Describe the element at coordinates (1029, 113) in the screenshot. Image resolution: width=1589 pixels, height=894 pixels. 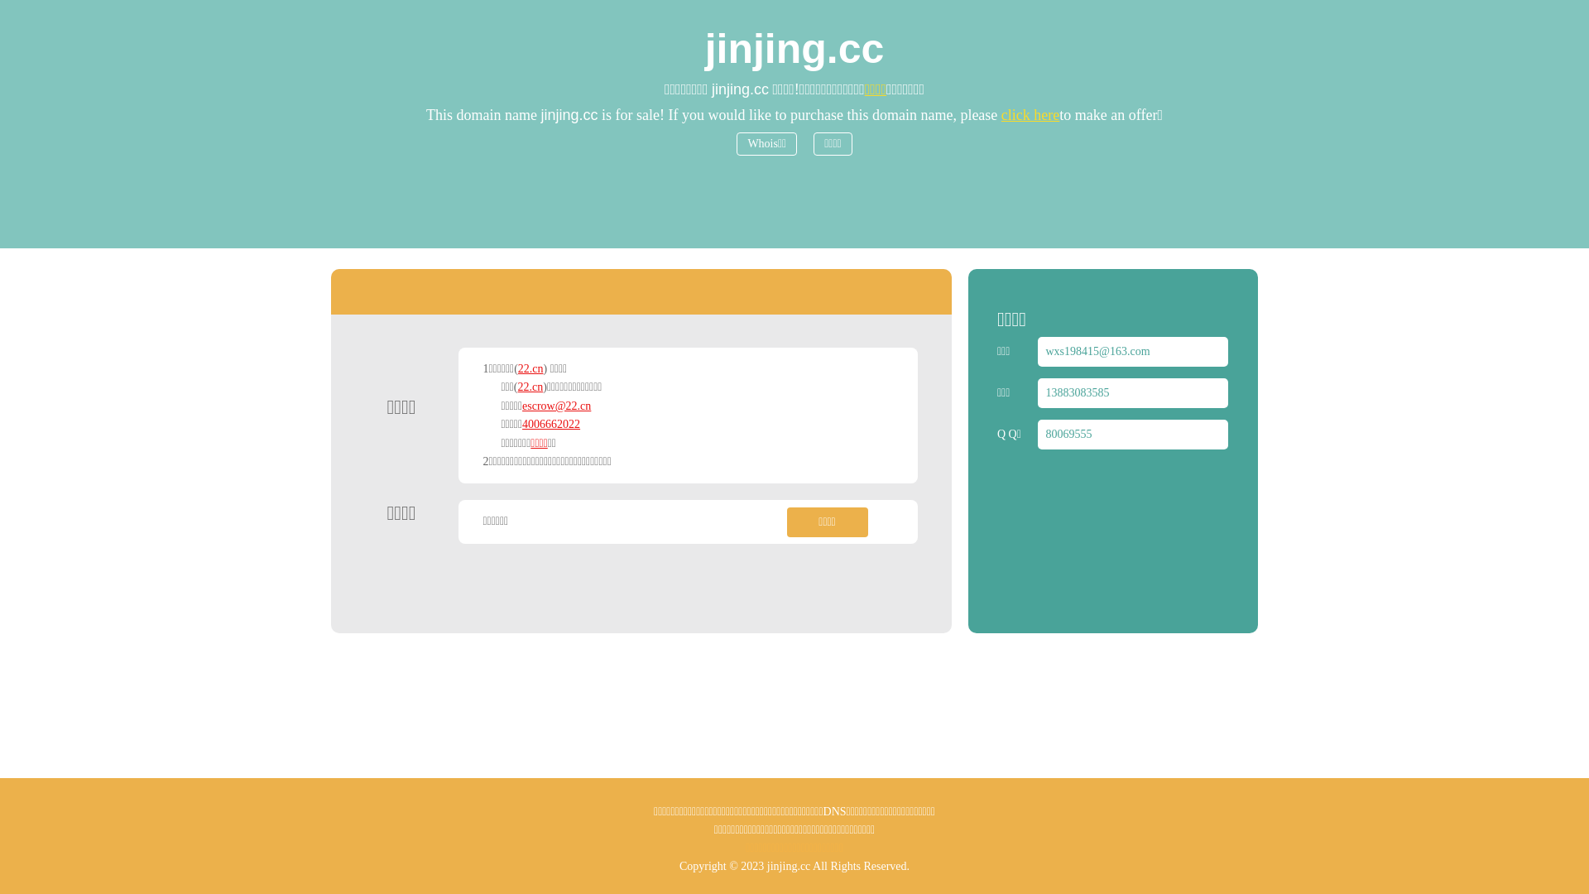
I see `'click here'` at that location.